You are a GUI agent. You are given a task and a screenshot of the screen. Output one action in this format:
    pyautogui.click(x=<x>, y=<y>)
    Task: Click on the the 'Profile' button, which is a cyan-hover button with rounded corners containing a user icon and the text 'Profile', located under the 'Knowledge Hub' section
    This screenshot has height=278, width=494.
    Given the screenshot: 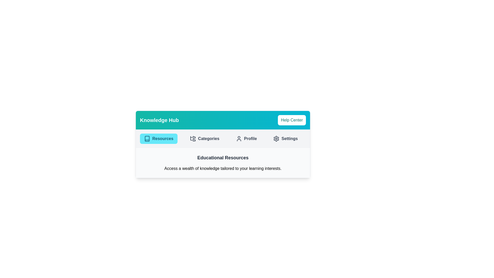 What is the action you would take?
    pyautogui.click(x=246, y=138)
    